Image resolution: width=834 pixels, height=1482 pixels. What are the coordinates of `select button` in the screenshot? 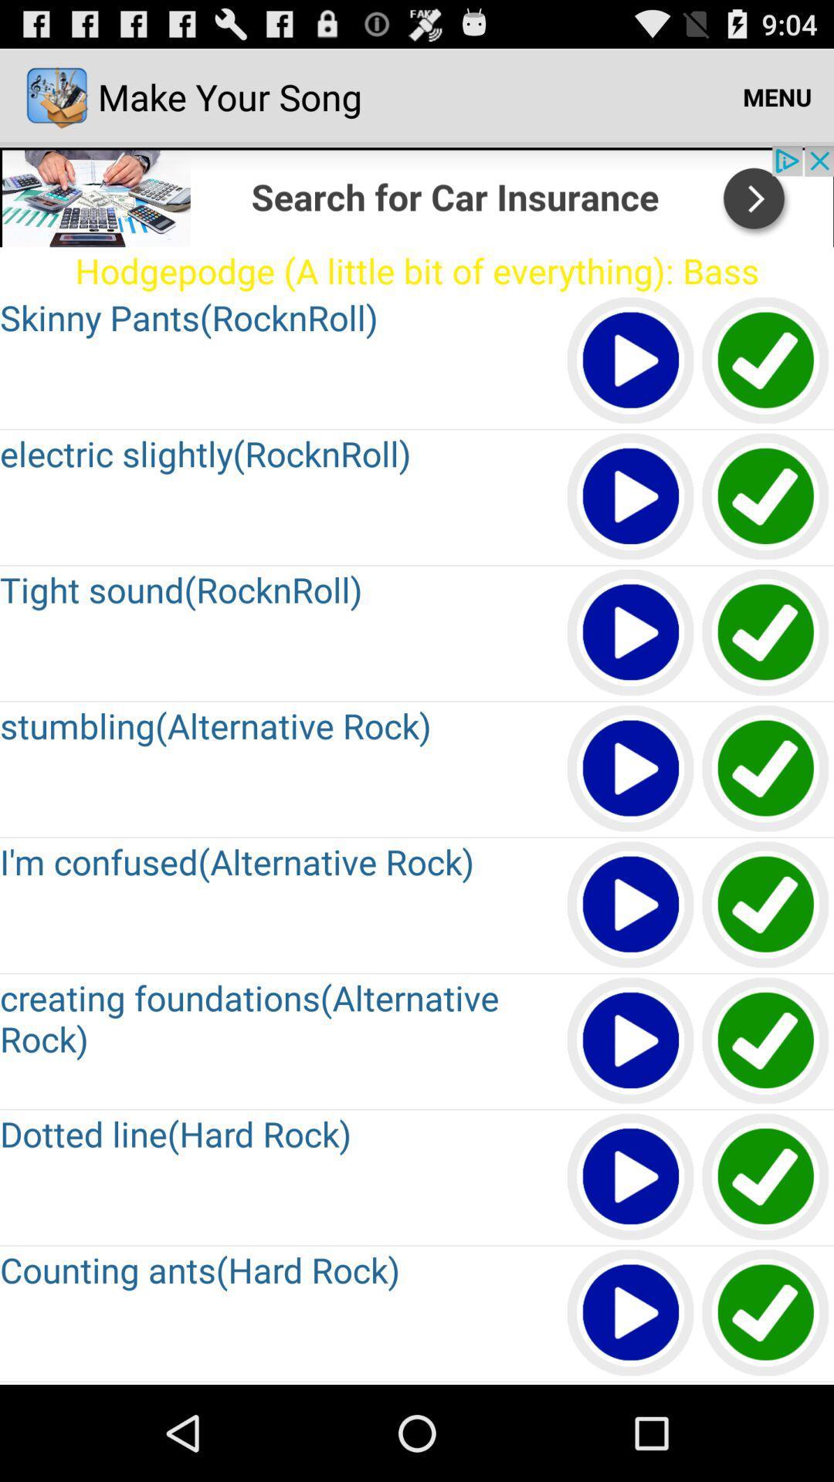 It's located at (766, 1176).